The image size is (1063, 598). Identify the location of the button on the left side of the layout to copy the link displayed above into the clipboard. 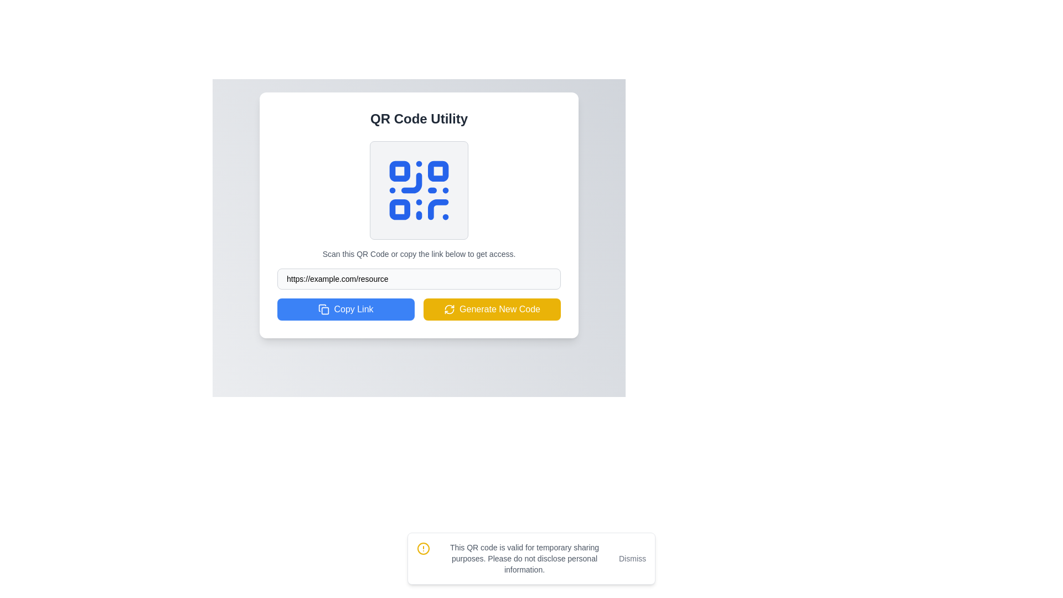
(345, 310).